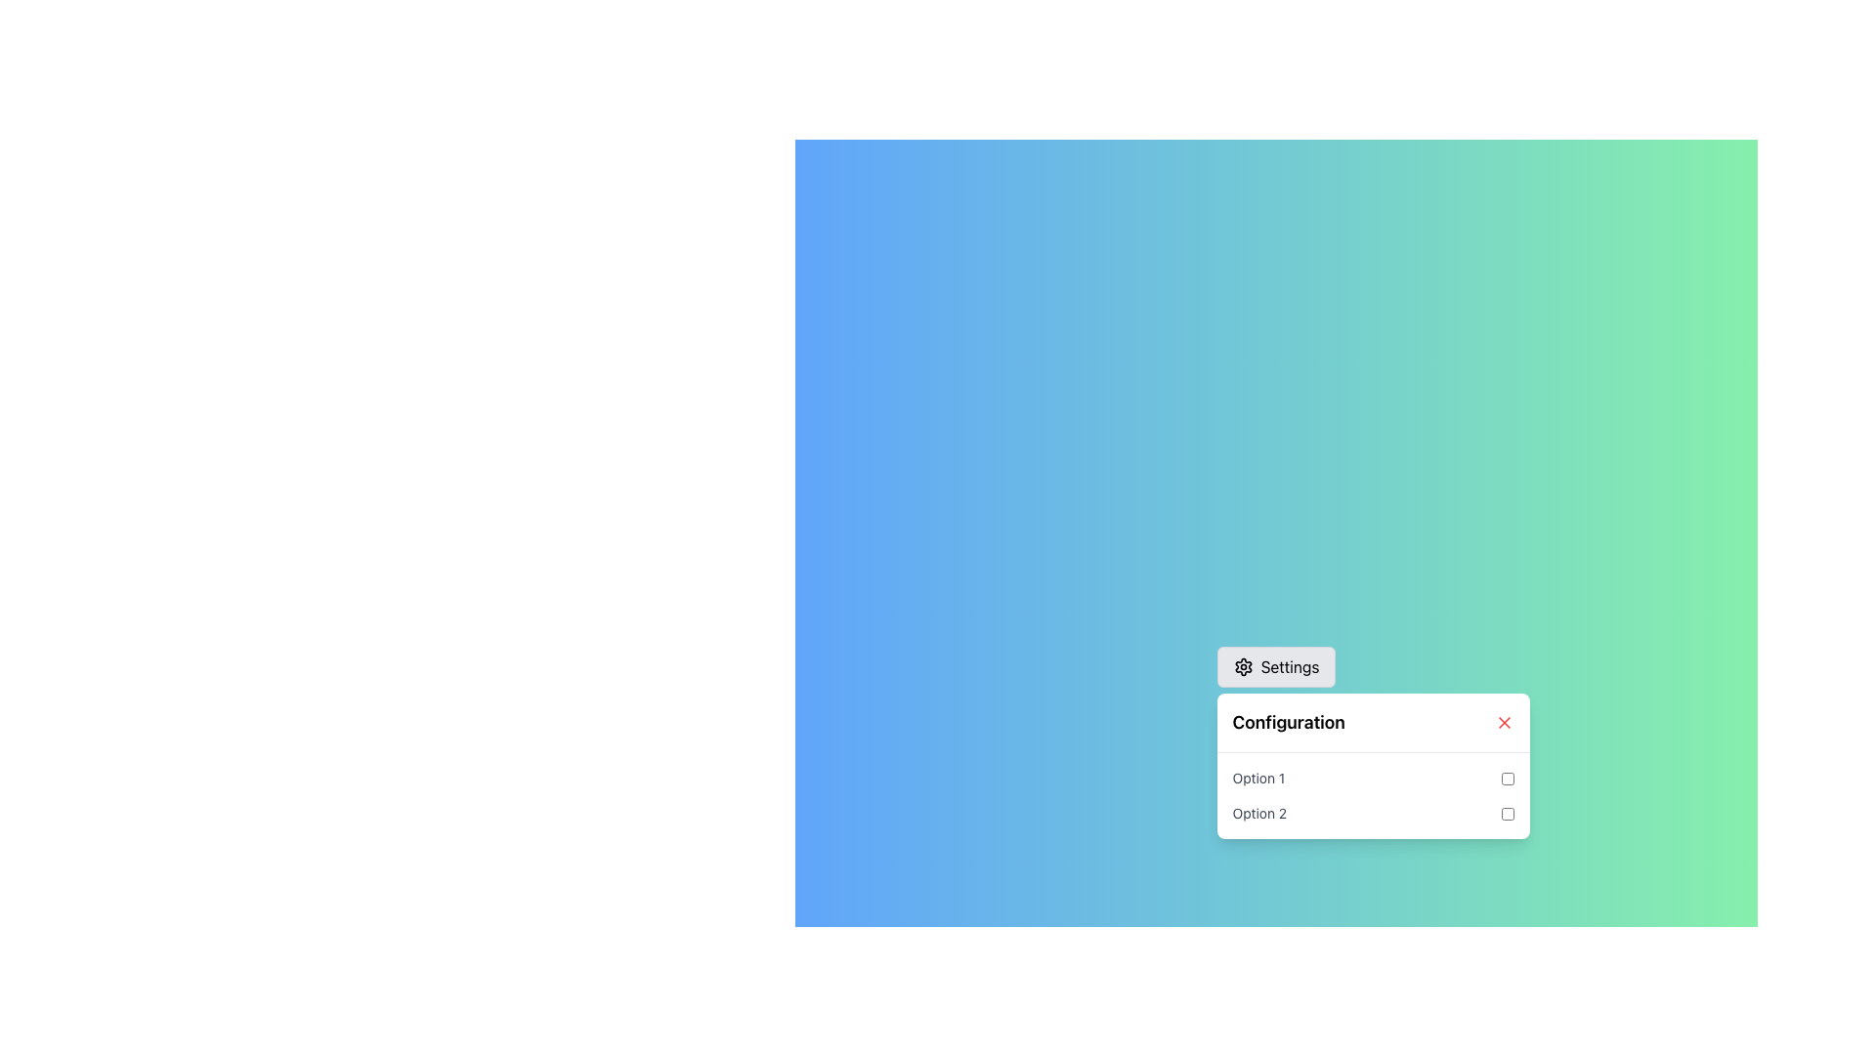  What do you see at coordinates (1503, 723) in the screenshot?
I see `the distinct red 'X' icon located in the top-right corner of the 'Configuration' section` at bounding box center [1503, 723].